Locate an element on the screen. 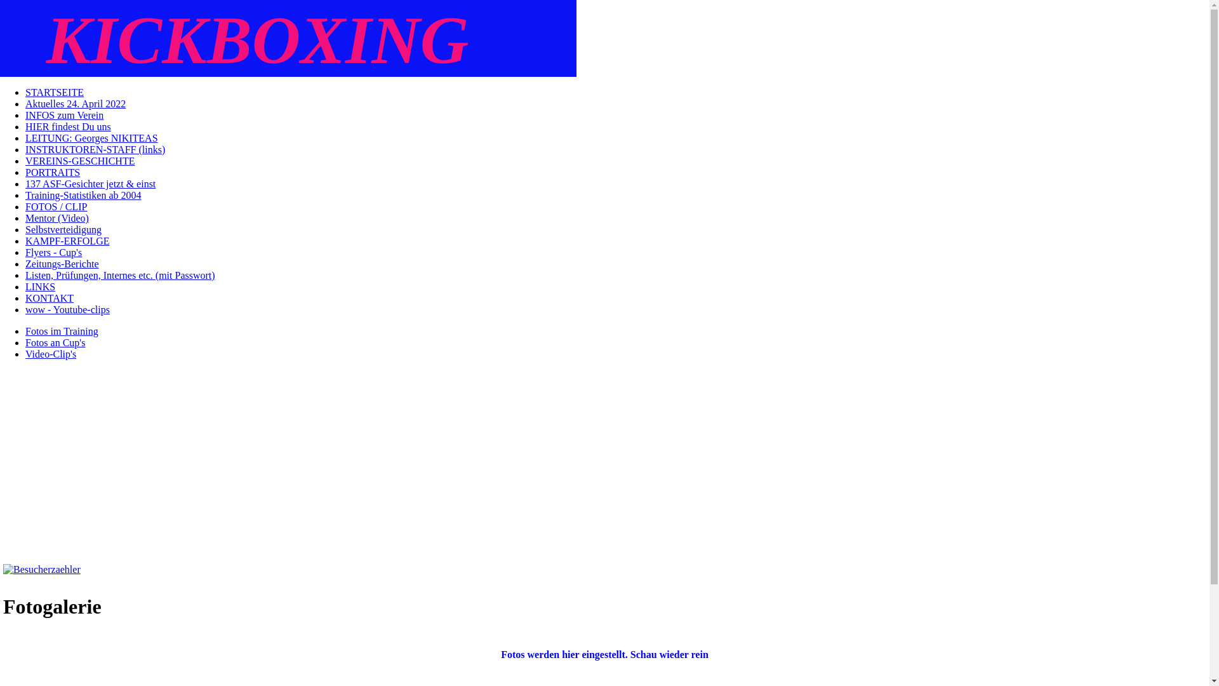  'wow - Youtube-clips' is located at coordinates (25, 309).